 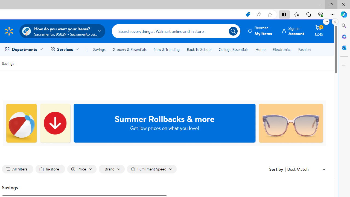 I want to click on 'College Essentials', so click(x=233, y=50).